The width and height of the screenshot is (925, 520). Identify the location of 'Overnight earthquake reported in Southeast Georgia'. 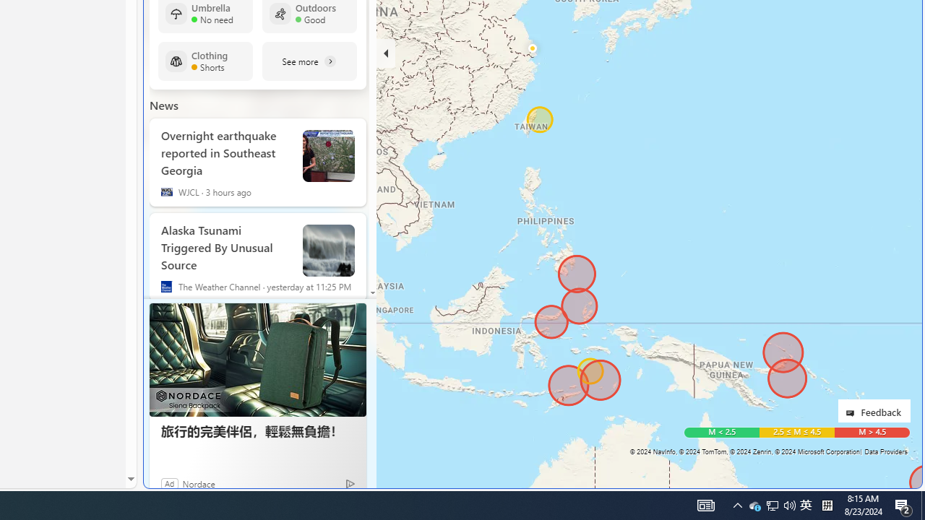
(225, 150).